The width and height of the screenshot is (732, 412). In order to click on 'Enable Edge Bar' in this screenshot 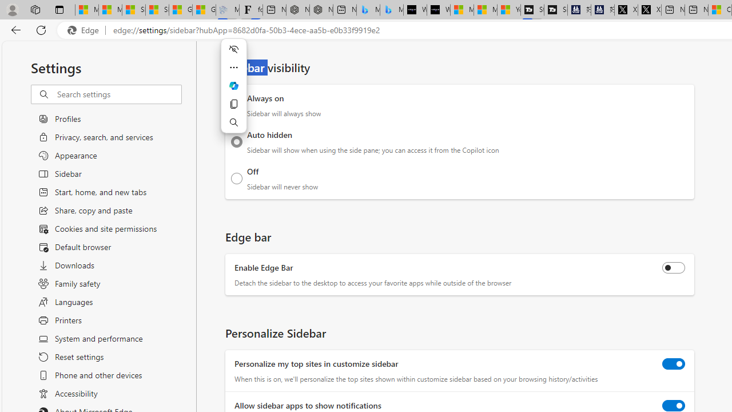, I will do `click(674, 268)`.